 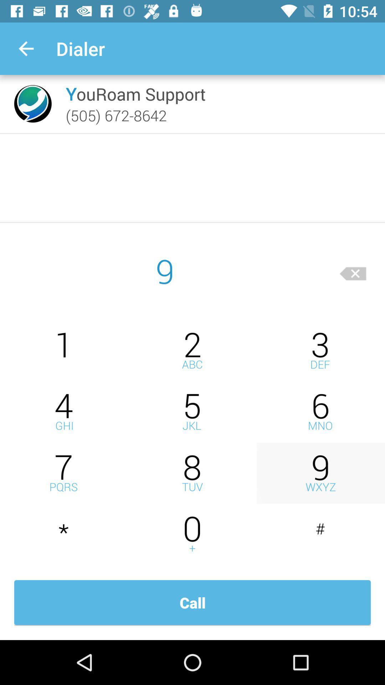 I want to click on insert, so click(x=320, y=534).